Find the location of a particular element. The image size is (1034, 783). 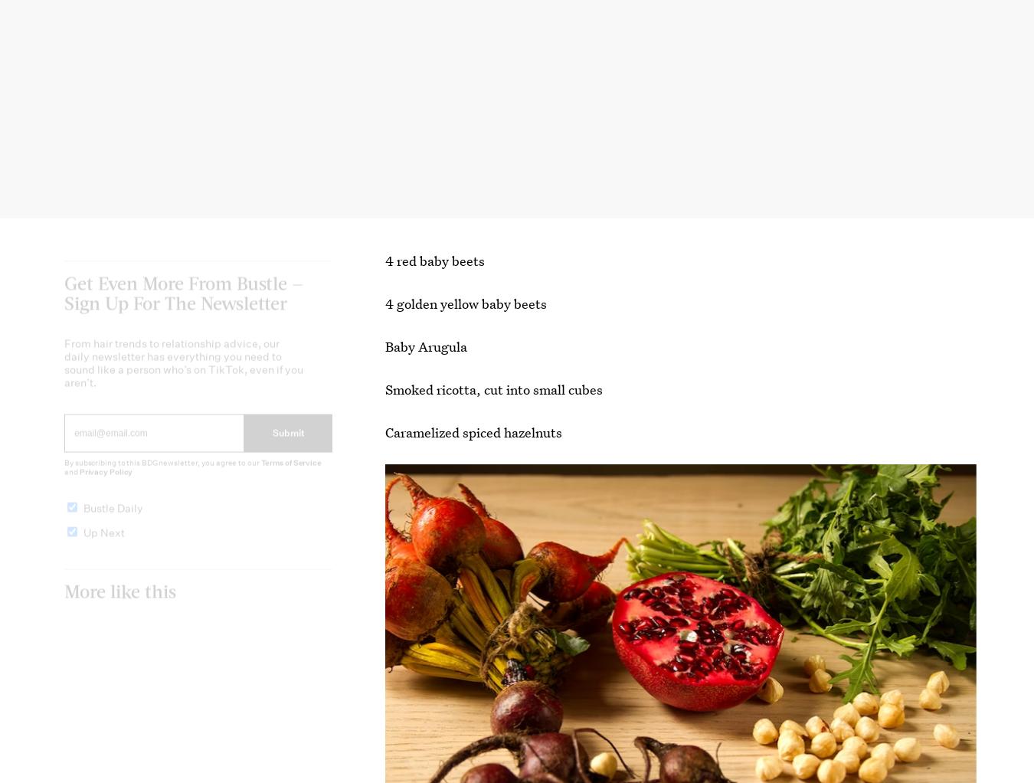

'Terms of Service' is located at coordinates (291, 473).